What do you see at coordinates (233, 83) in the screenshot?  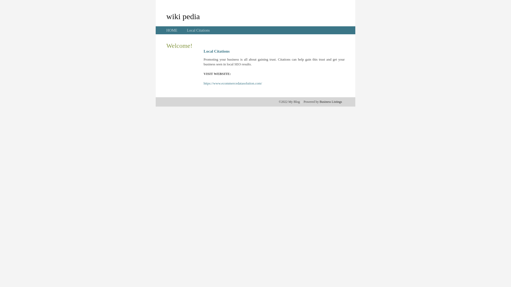 I see `'https://www.ecommercedatasolution.com/'` at bounding box center [233, 83].